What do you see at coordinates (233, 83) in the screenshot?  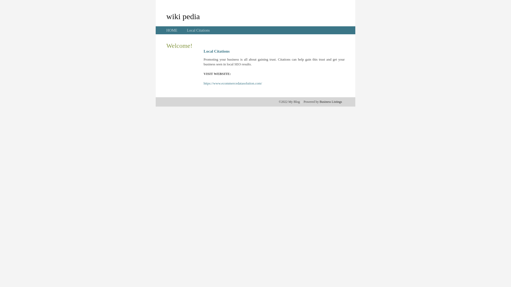 I see `'https://www.ecommercedatasolution.com/'` at bounding box center [233, 83].